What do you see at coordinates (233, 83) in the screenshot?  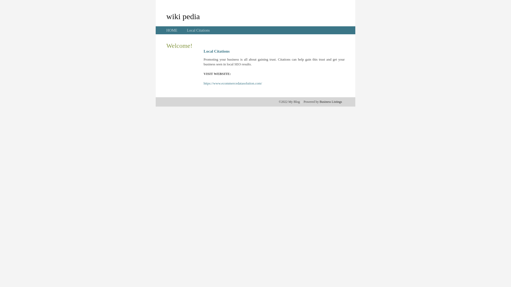 I see `'https://www.ecommercedatasolution.com/'` at bounding box center [233, 83].